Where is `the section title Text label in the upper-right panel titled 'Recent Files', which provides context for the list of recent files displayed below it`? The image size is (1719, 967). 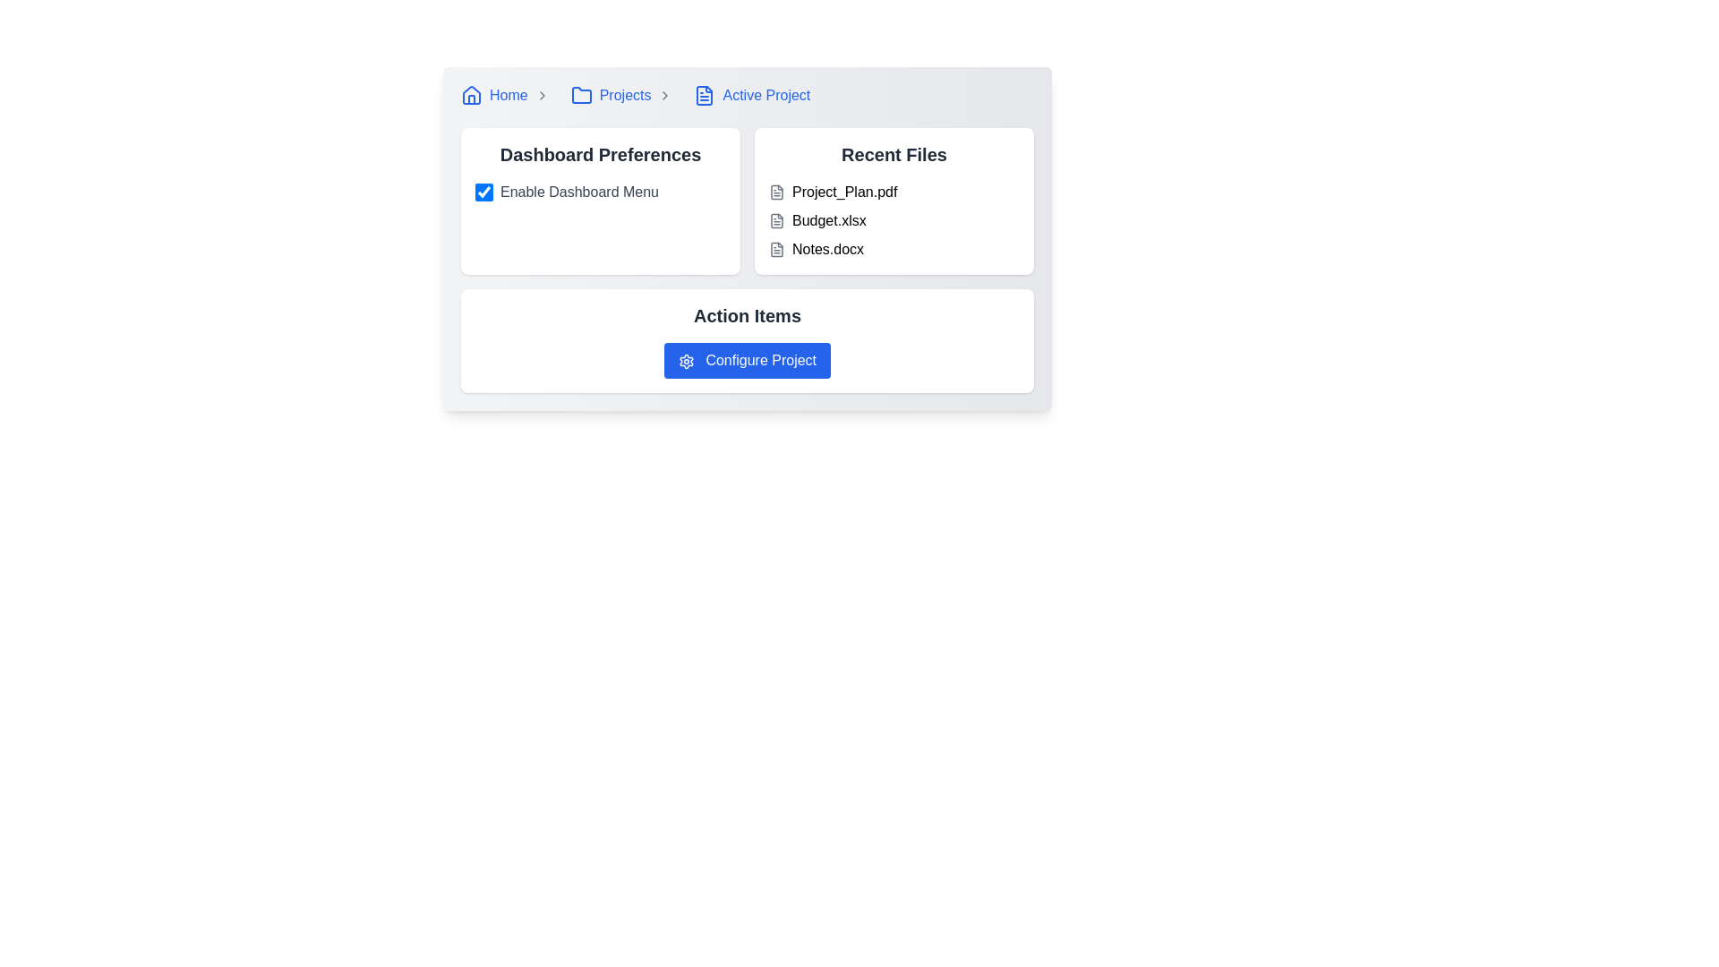 the section title Text label in the upper-right panel titled 'Recent Files', which provides context for the list of recent files displayed below it is located at coordinates (894, 154).